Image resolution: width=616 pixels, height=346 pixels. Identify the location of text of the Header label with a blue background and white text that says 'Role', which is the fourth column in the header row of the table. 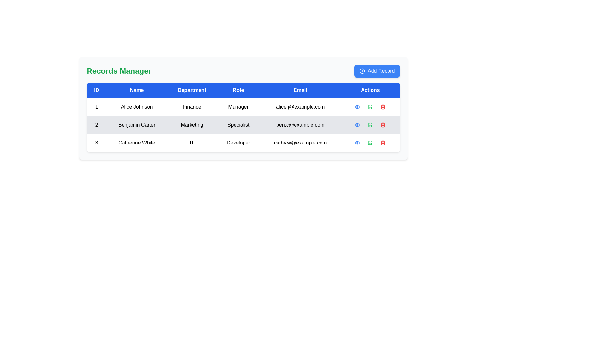
(238, 90).